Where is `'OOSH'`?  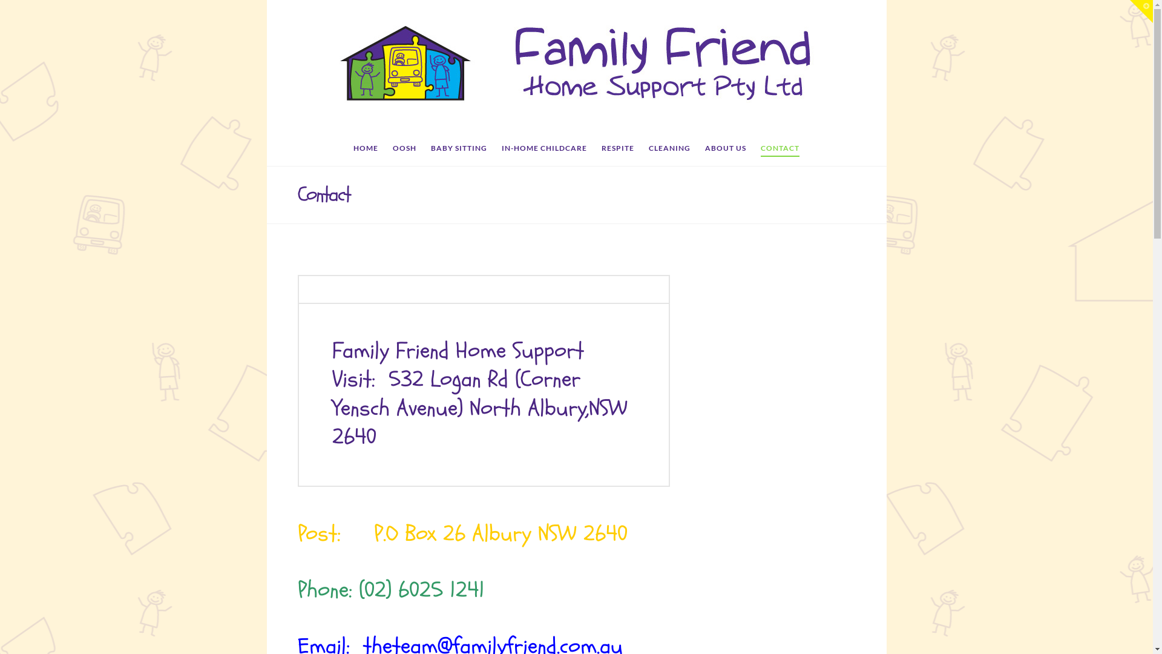 'OOSH' is located at coordinates (404, 150).